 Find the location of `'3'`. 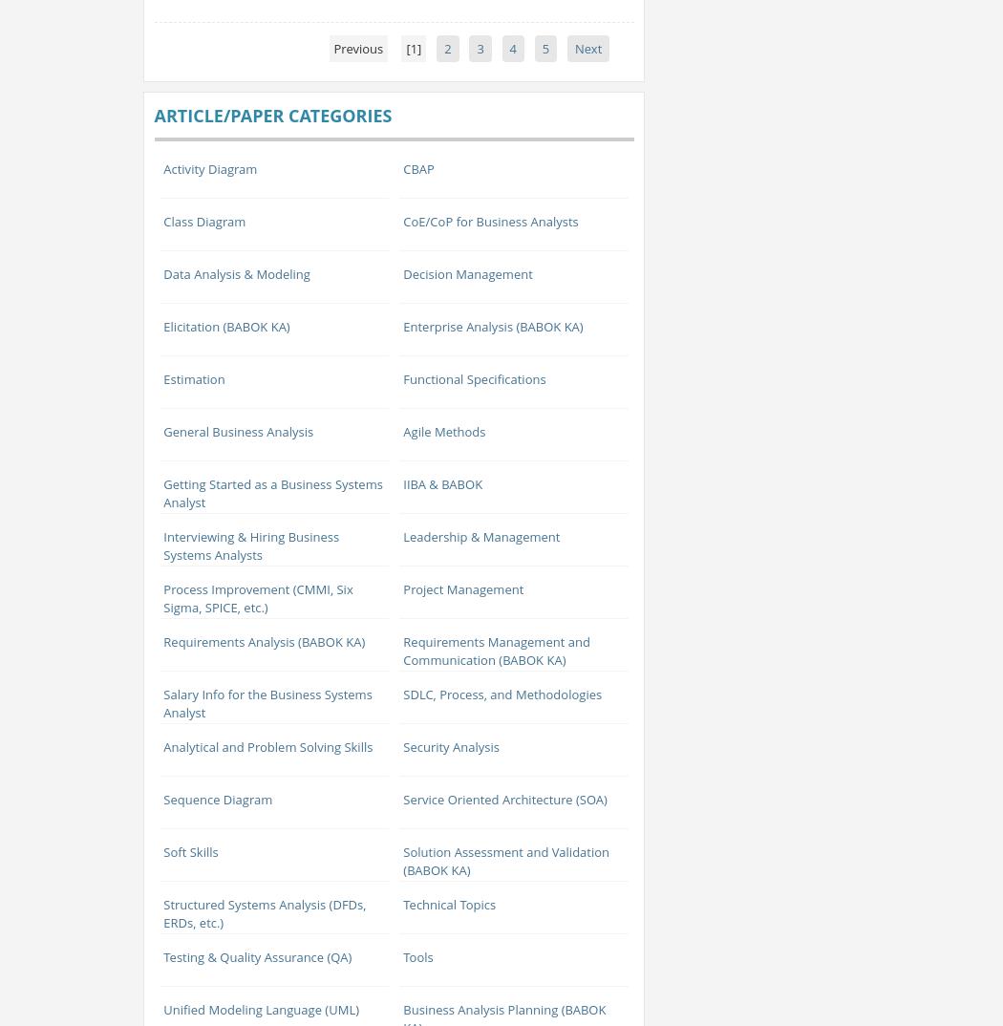

'3' is located at coordinates (479, 48).